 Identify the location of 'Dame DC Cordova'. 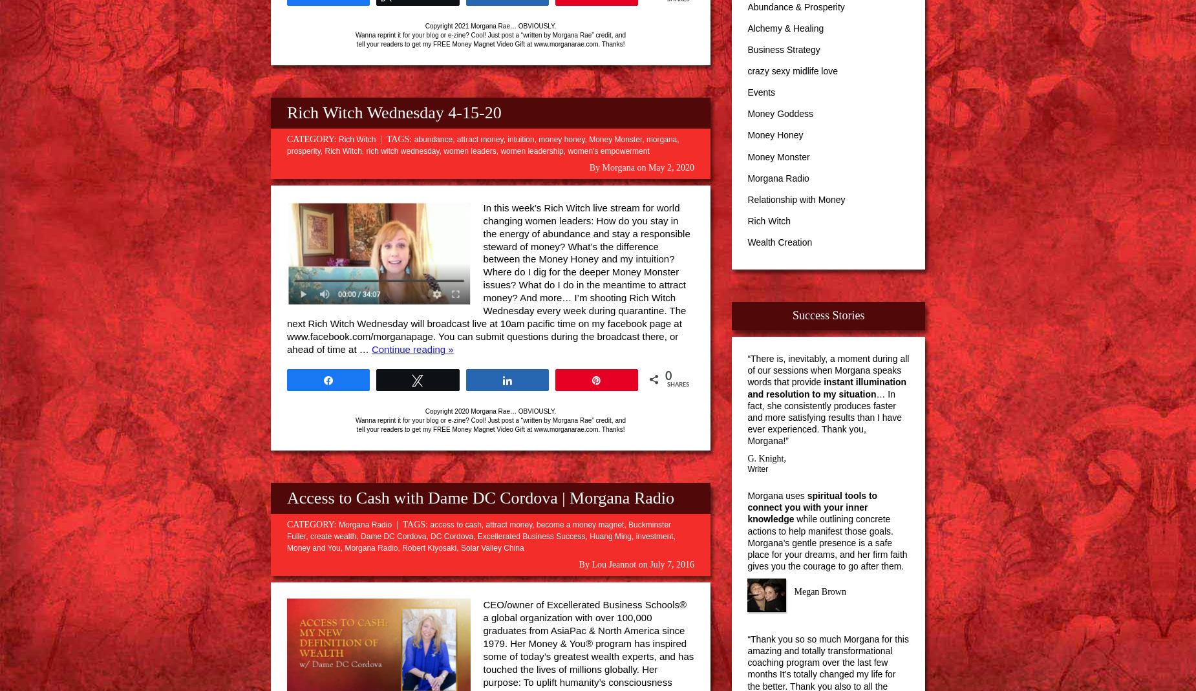
(393, 536).